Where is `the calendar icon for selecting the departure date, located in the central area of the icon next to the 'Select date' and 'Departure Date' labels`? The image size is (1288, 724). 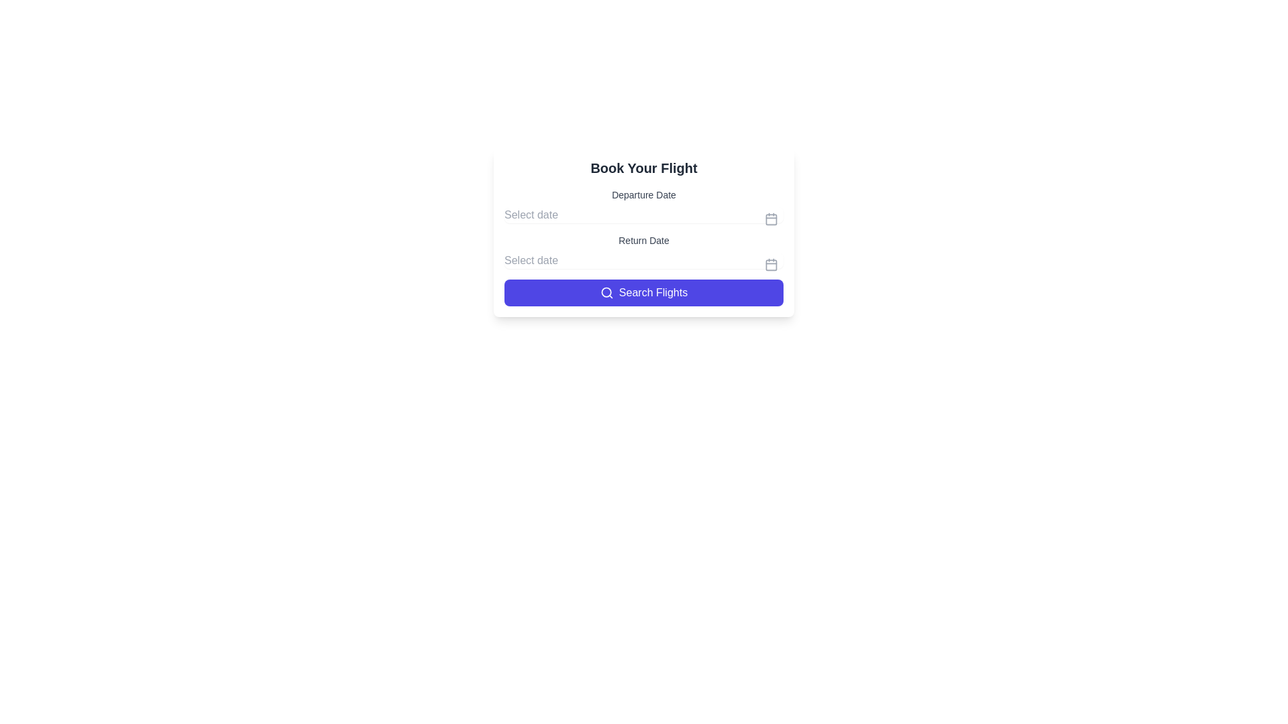 the calendar icon for selecting the departure date, located in the central area of the icon next to the 'Select date' and 'Departure Date' labels is located at coordinates (771, 219).